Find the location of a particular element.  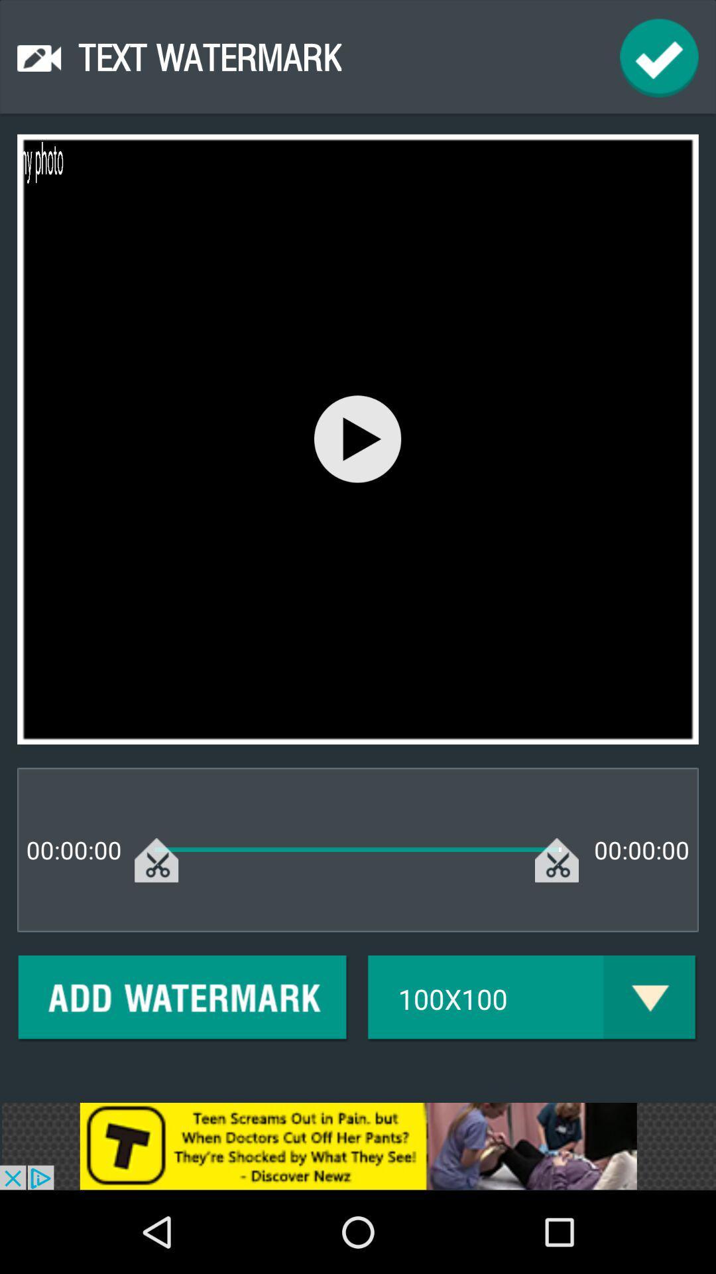

ok is located at coordinates (659, 57).